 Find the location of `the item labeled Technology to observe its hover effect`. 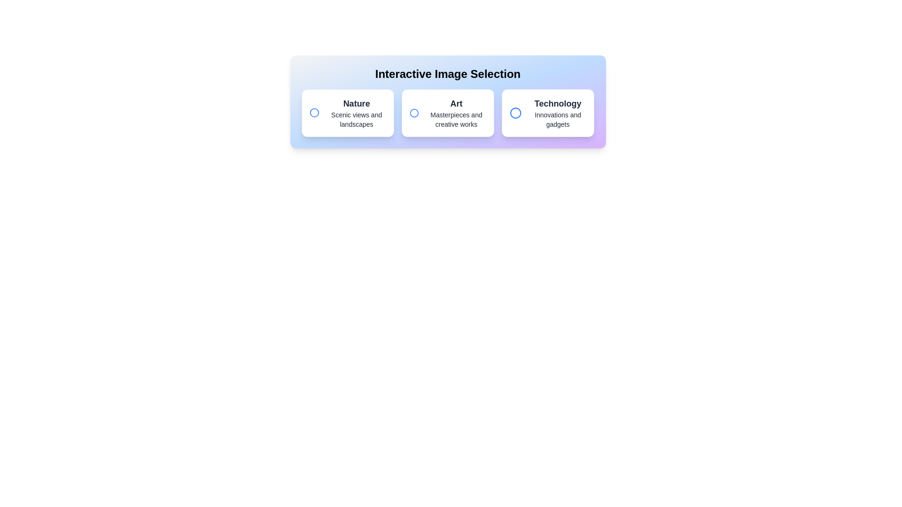

the item labeled Technology to observe its hover effect is located at coordinates (548, 112).